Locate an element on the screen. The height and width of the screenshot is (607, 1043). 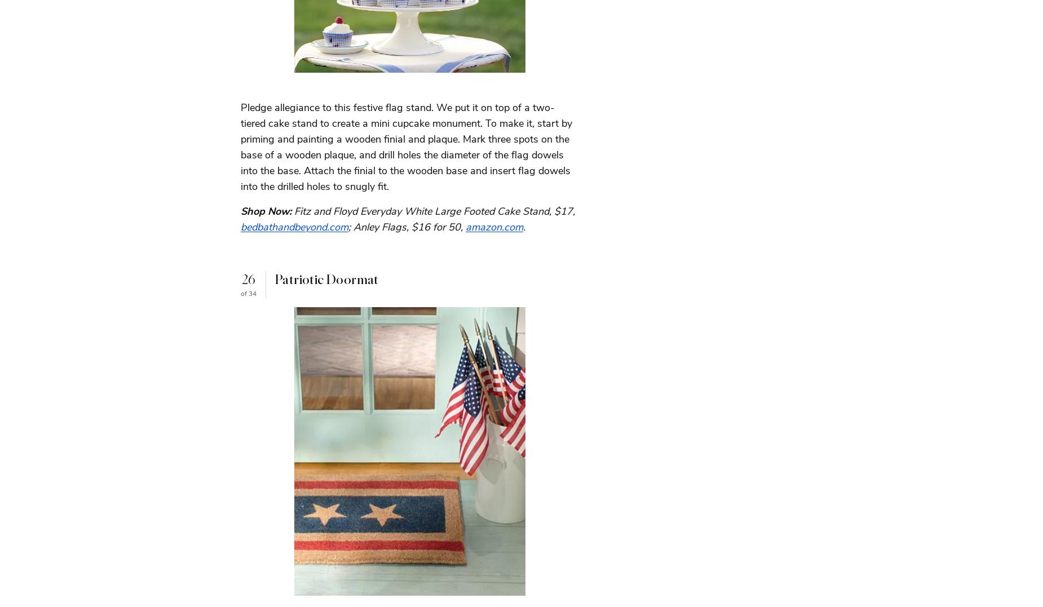
'; Anley Flags, $16 for 50,' is located at coordinates (348, 227).